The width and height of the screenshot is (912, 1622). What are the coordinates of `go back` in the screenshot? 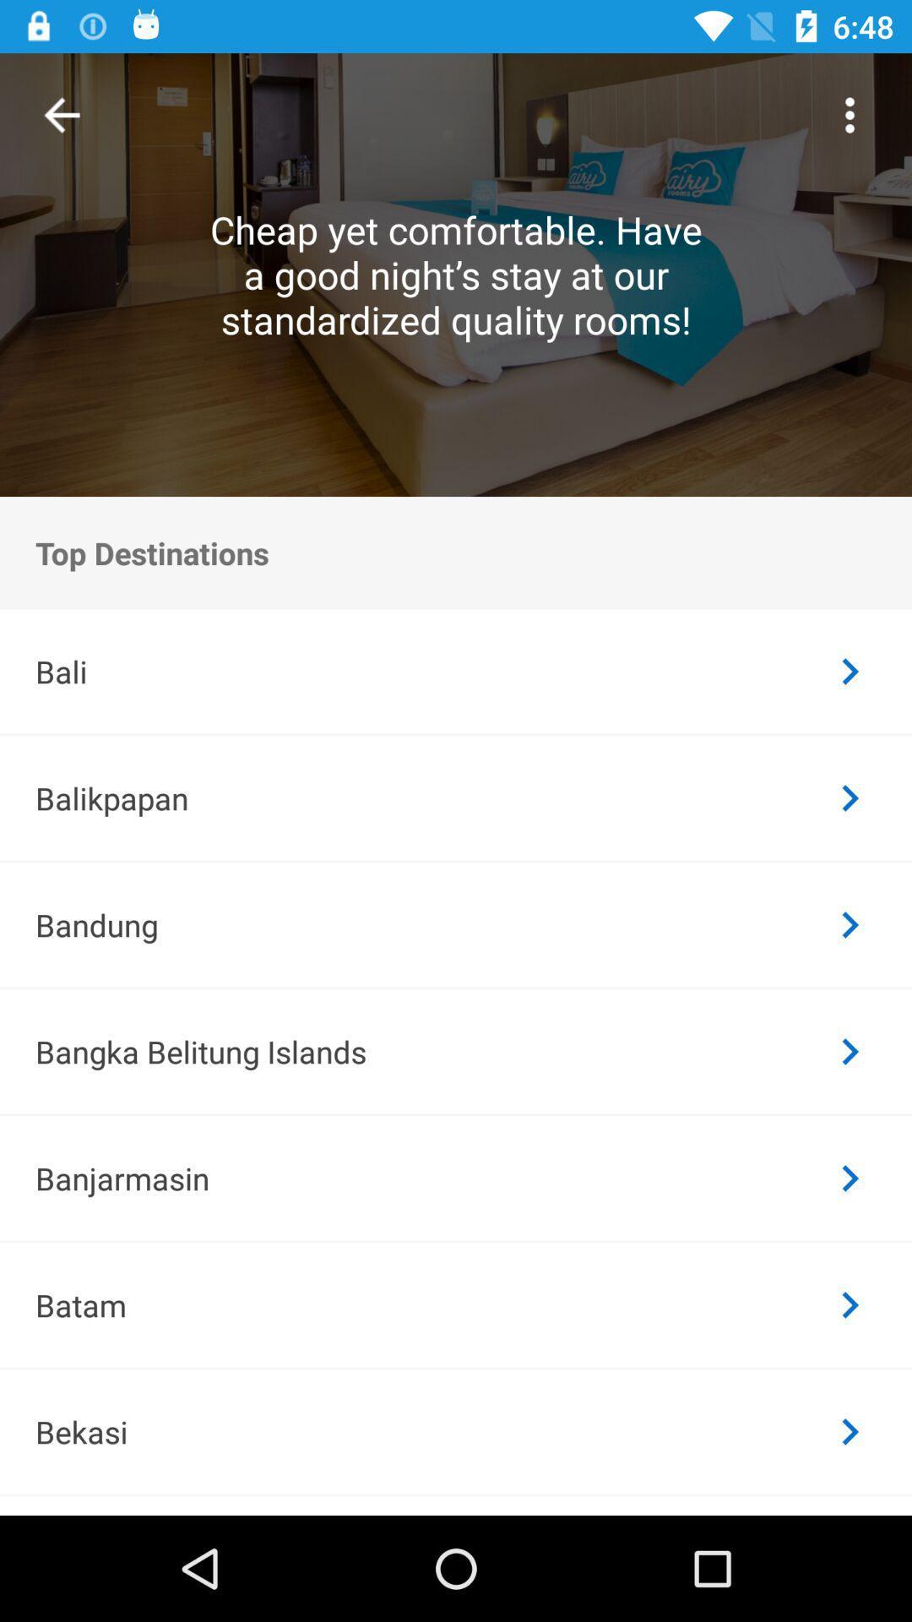 It's located at (61, 114).